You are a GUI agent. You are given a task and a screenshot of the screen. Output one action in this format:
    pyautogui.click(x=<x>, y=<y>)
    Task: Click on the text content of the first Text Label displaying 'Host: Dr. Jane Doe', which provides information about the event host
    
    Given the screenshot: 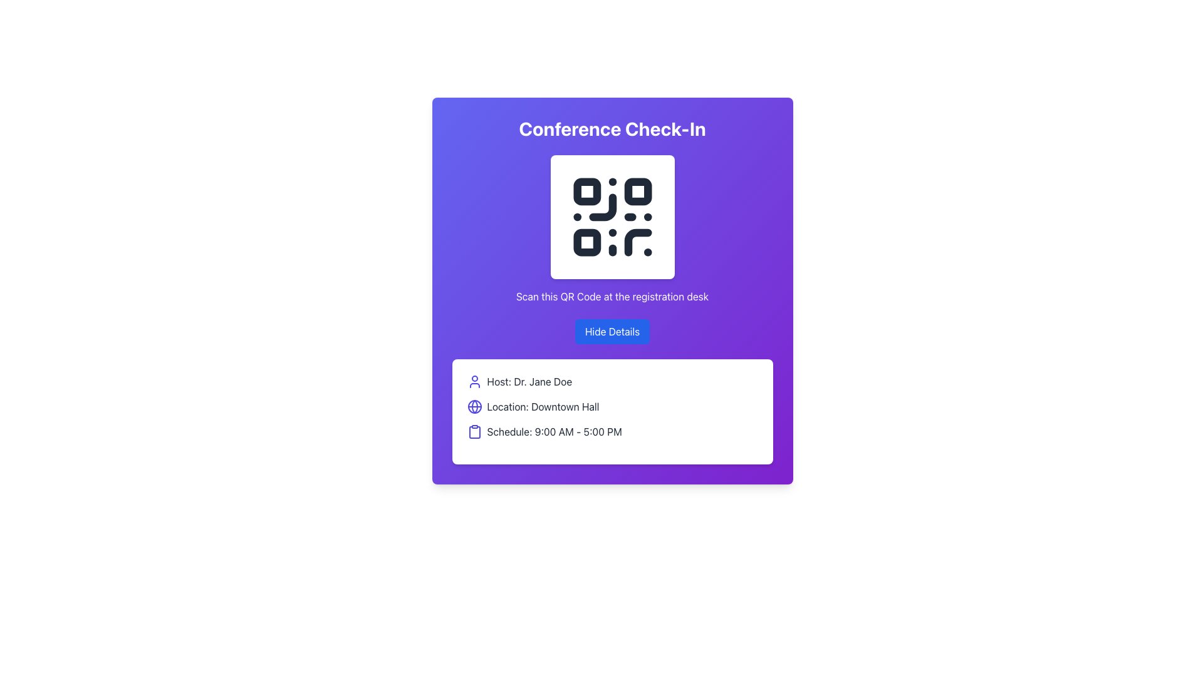 What is the action you would take?
    pyautogui.click(x=529, y=381)
    